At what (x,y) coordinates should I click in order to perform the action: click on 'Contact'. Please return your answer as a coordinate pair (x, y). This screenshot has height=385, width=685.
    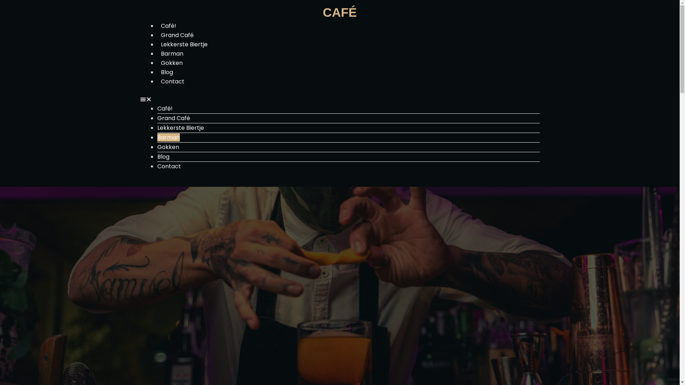
    Looking at the image, I should click on (168, 166).